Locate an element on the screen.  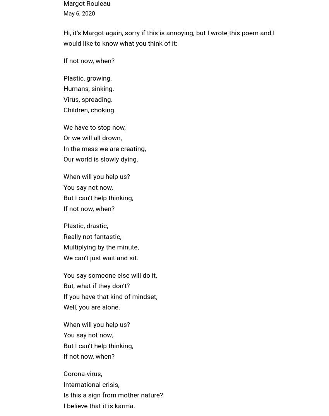
'Hi, it’s Margot again, sorry if this is annoying, but I wrote this poem and I would like to know what you think of it:' is located at coordinates (63, 38).